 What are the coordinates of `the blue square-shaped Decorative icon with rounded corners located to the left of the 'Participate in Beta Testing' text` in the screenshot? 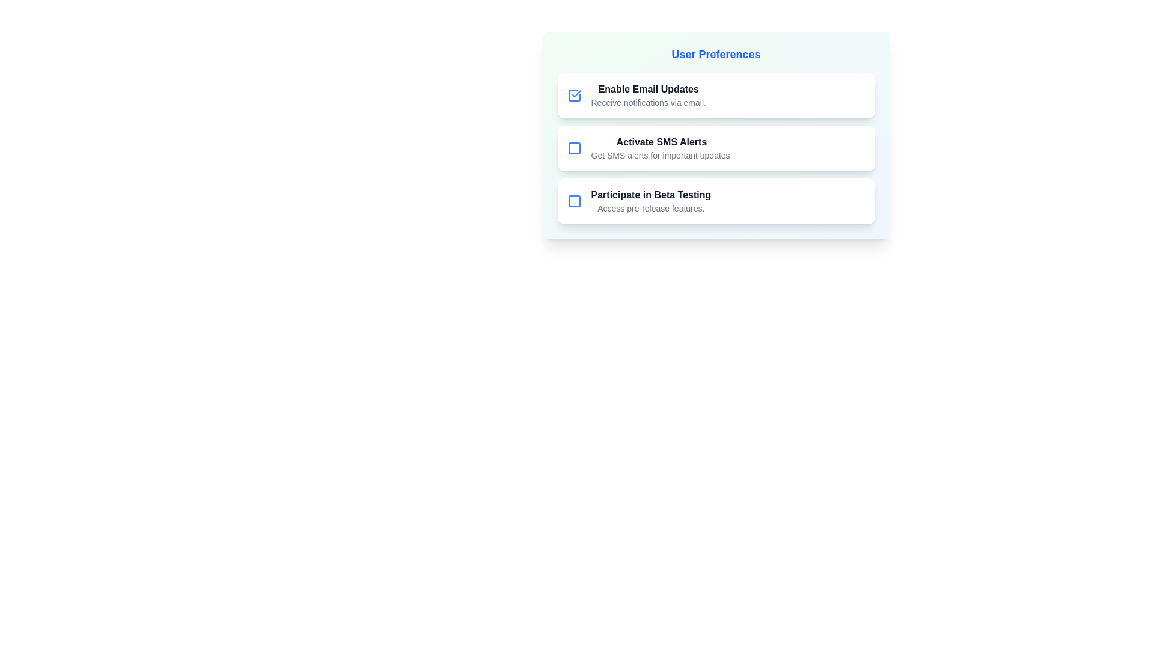 It's located at (573, 201).